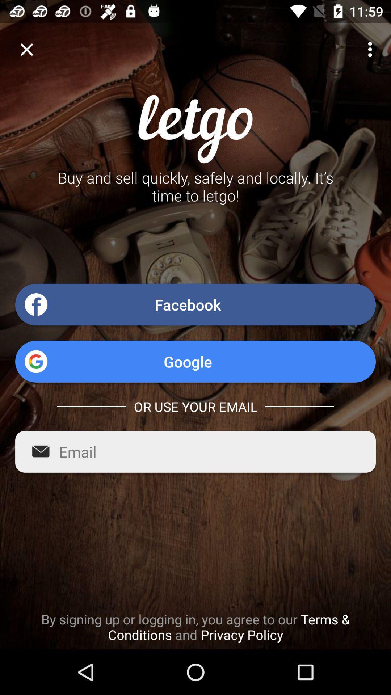  What do you see at coordinates (26, 49) in the screenshot?
I see `exit login page` at bounding box center [26, 49].